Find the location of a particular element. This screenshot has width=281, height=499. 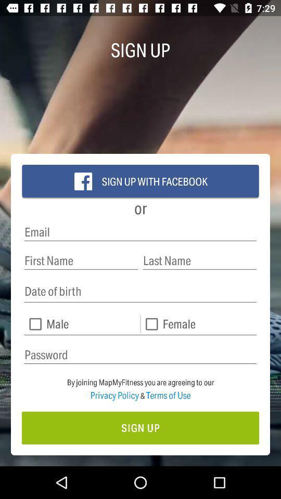

date of birth here is located at coordinates (140, 292).